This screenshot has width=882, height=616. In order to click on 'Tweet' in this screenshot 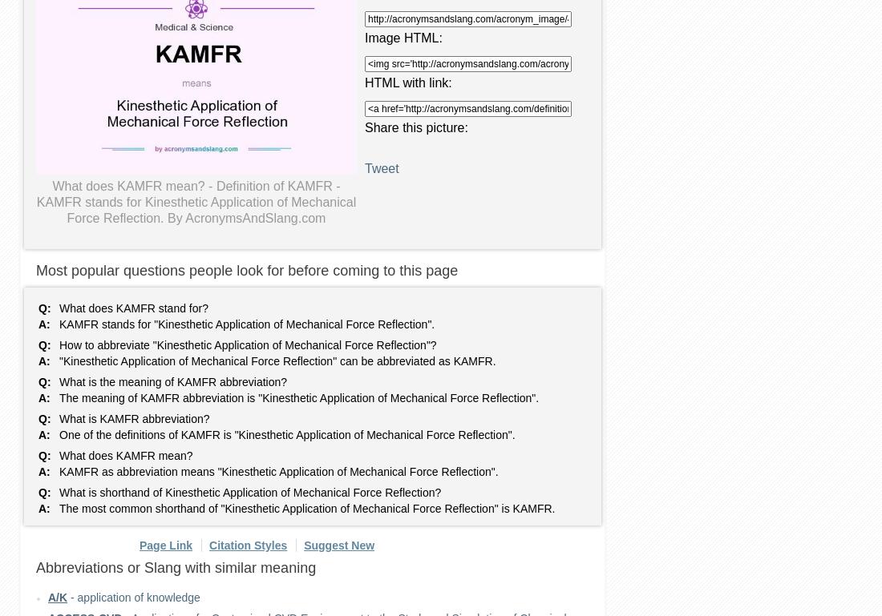, I will do `click(363, 168)`.